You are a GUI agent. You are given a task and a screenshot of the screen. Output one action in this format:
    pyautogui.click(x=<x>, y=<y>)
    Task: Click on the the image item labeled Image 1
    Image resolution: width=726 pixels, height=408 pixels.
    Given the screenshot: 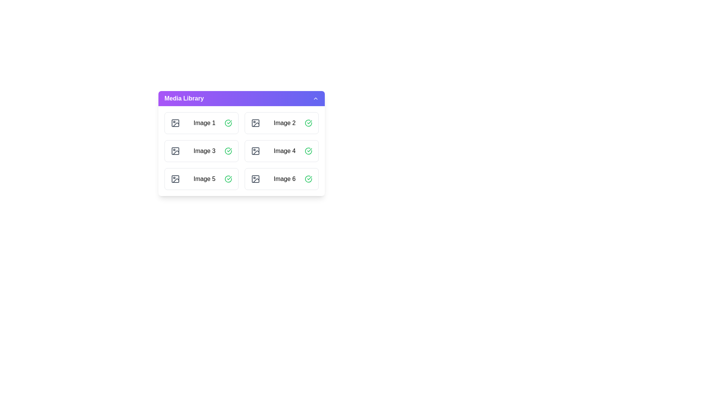 What is the action you would take?
    pyautogui.click(x=201, y=123)
    